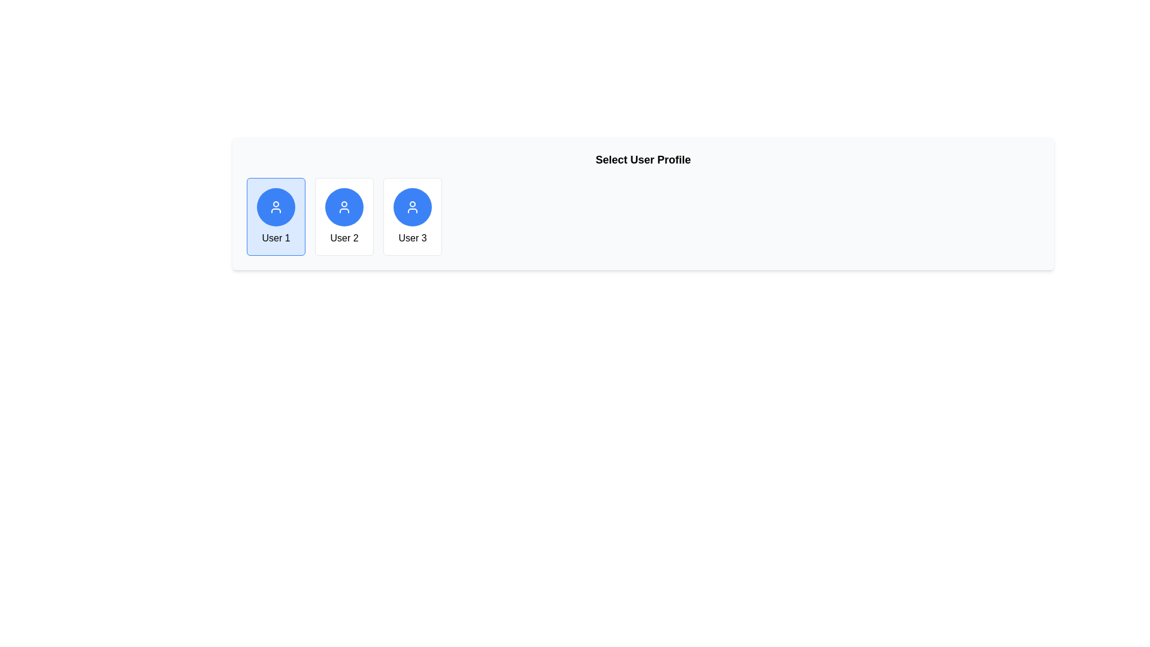 The image size is (1150, 647). What do you see at coordinates (643, 159) in the screenshot?
I see `the header displaying 'Select User Profile,' which is styled in bold and larger font, located above the list of user profiles` at bounding box center [643, 159].